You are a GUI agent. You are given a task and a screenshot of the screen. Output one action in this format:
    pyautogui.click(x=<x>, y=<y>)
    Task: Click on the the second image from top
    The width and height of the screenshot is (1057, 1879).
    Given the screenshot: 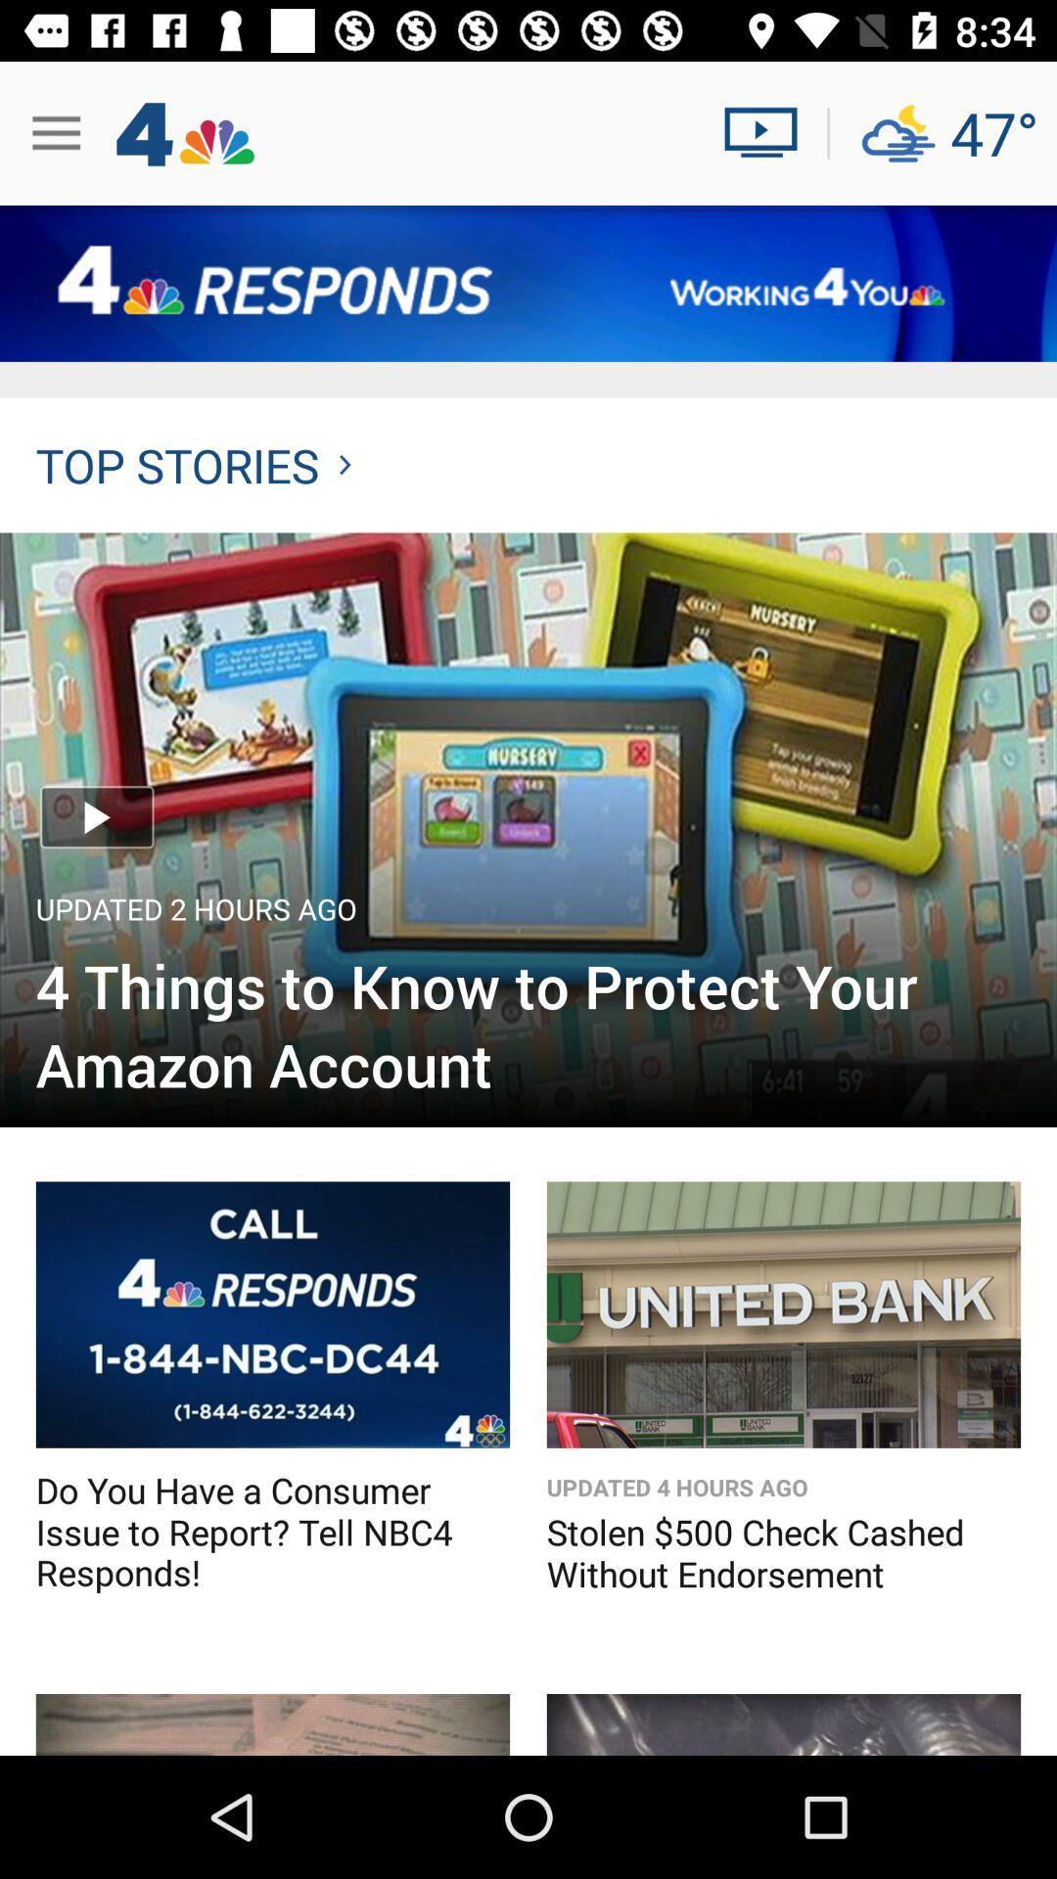 What is the action you would take?
    pyautogui.click(x=272, y=1315)
    